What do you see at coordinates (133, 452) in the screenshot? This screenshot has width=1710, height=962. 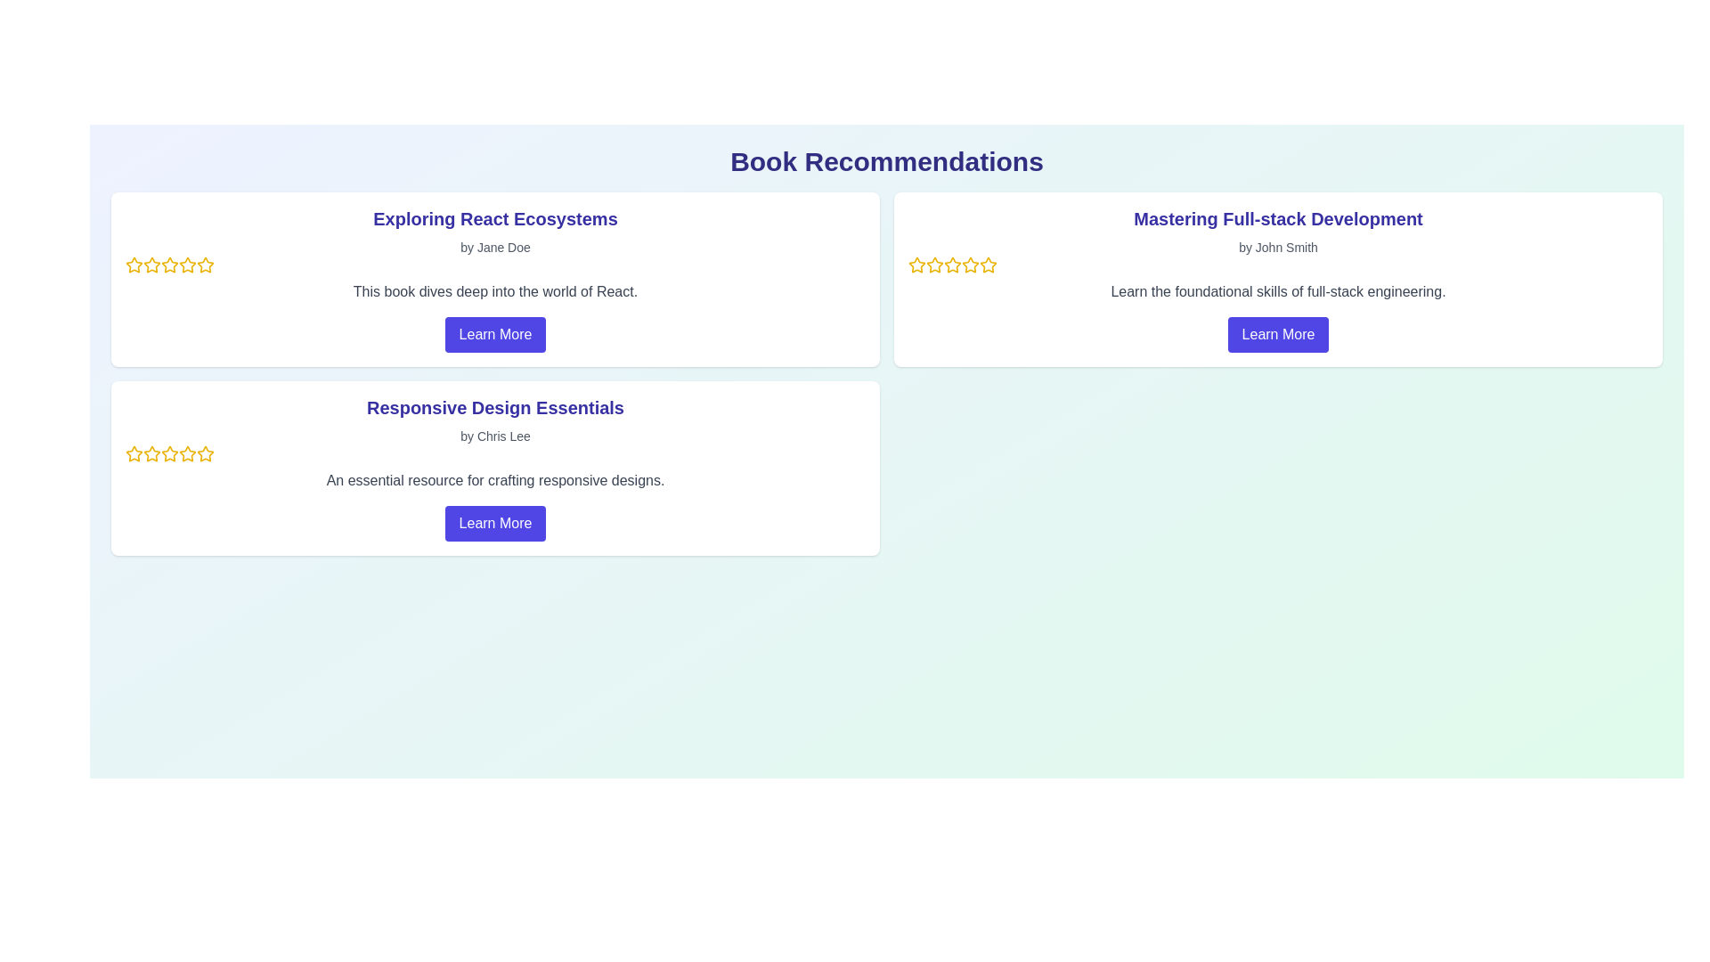 I see `the first yellow star icon of the 5-star rating system located below the title 'Responsive Design Essentials' in the bottom-left card of the layout` at bounding box center [133, 452].